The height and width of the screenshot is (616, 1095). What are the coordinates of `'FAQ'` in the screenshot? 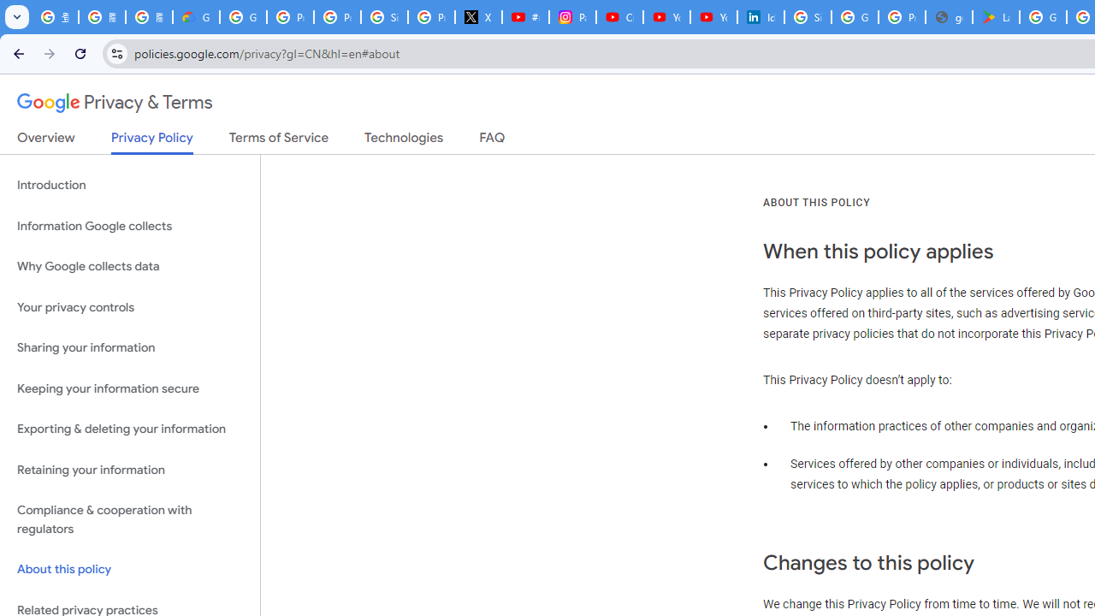 It's located at (492, 140).